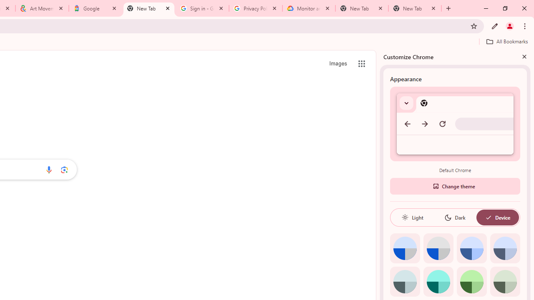  Describe the element at coordinates (488, 217) in the screenshot. I see `'AutomationID: baseSvg'` at that location.